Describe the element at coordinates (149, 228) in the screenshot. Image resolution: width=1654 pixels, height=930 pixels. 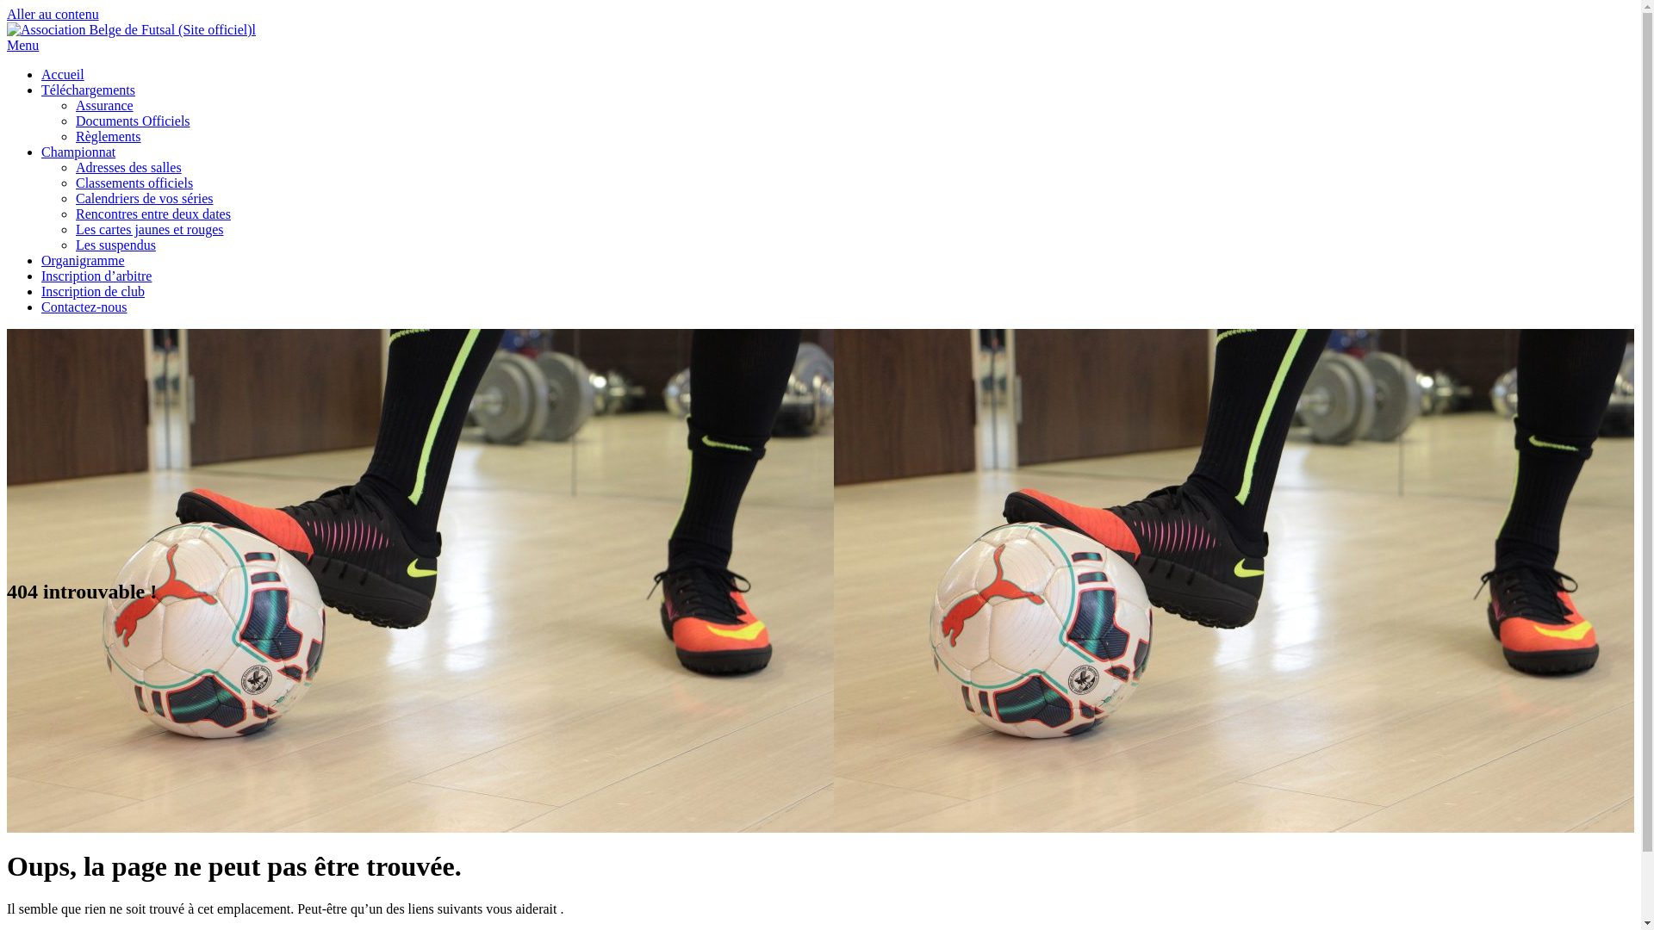
I see `'Les cartes jaunes et rouges'` at that location.